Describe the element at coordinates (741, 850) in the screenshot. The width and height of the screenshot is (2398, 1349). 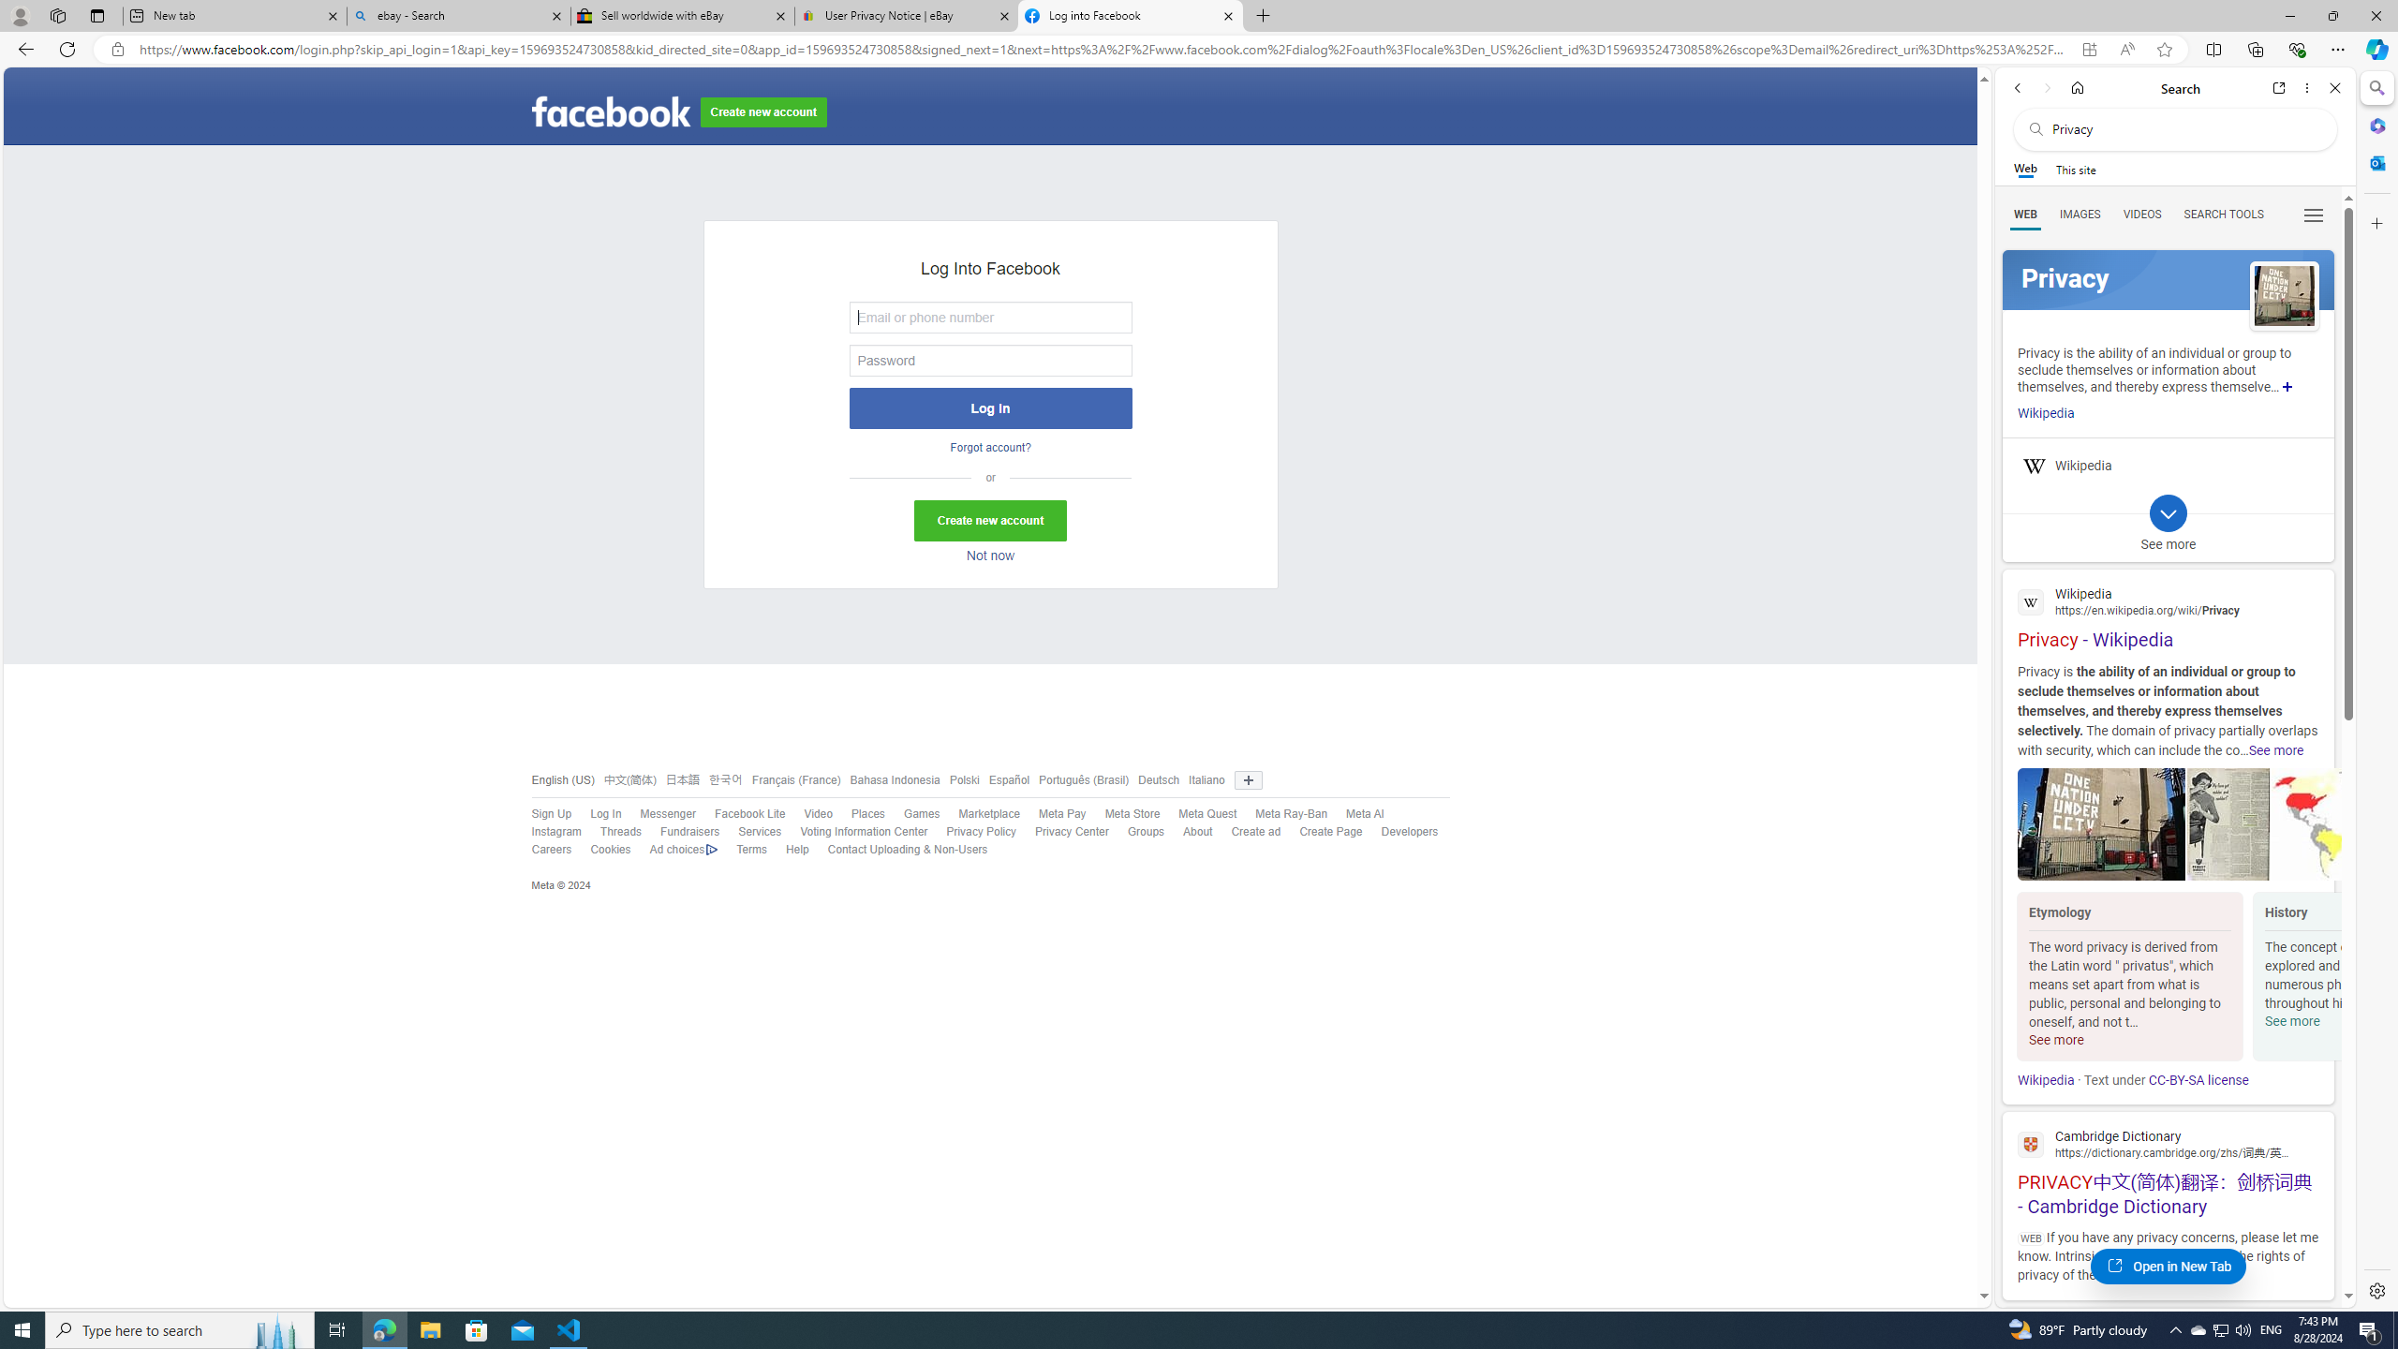
I see `'Terms'` at that location.